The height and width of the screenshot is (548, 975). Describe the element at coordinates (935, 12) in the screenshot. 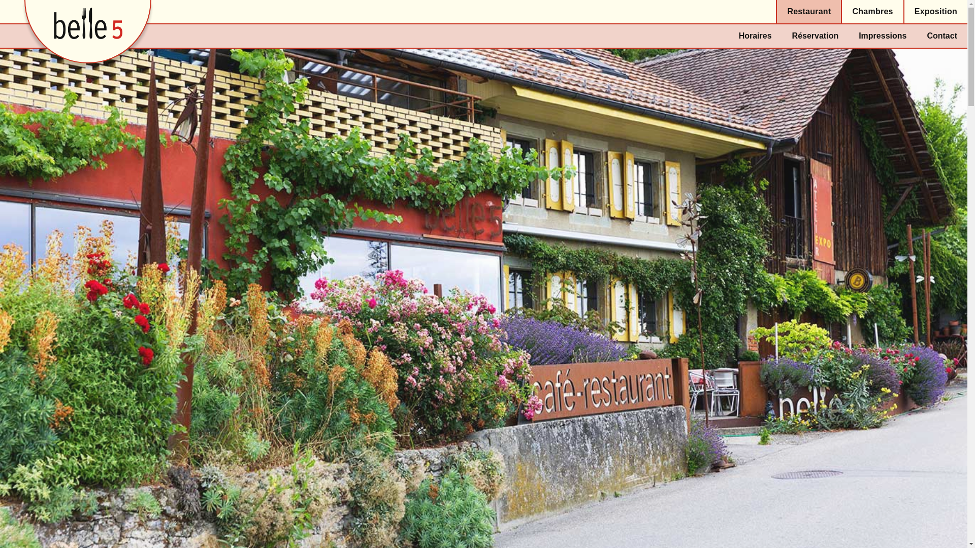

I see `'Exposition'` at that location.